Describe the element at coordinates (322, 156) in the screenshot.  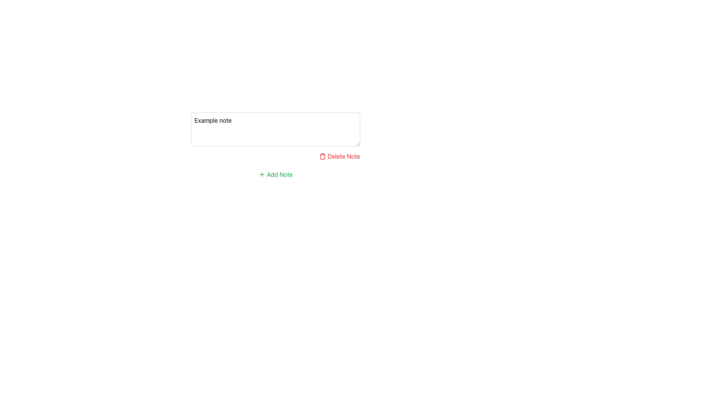
I see `the red trash can icon` at that location.